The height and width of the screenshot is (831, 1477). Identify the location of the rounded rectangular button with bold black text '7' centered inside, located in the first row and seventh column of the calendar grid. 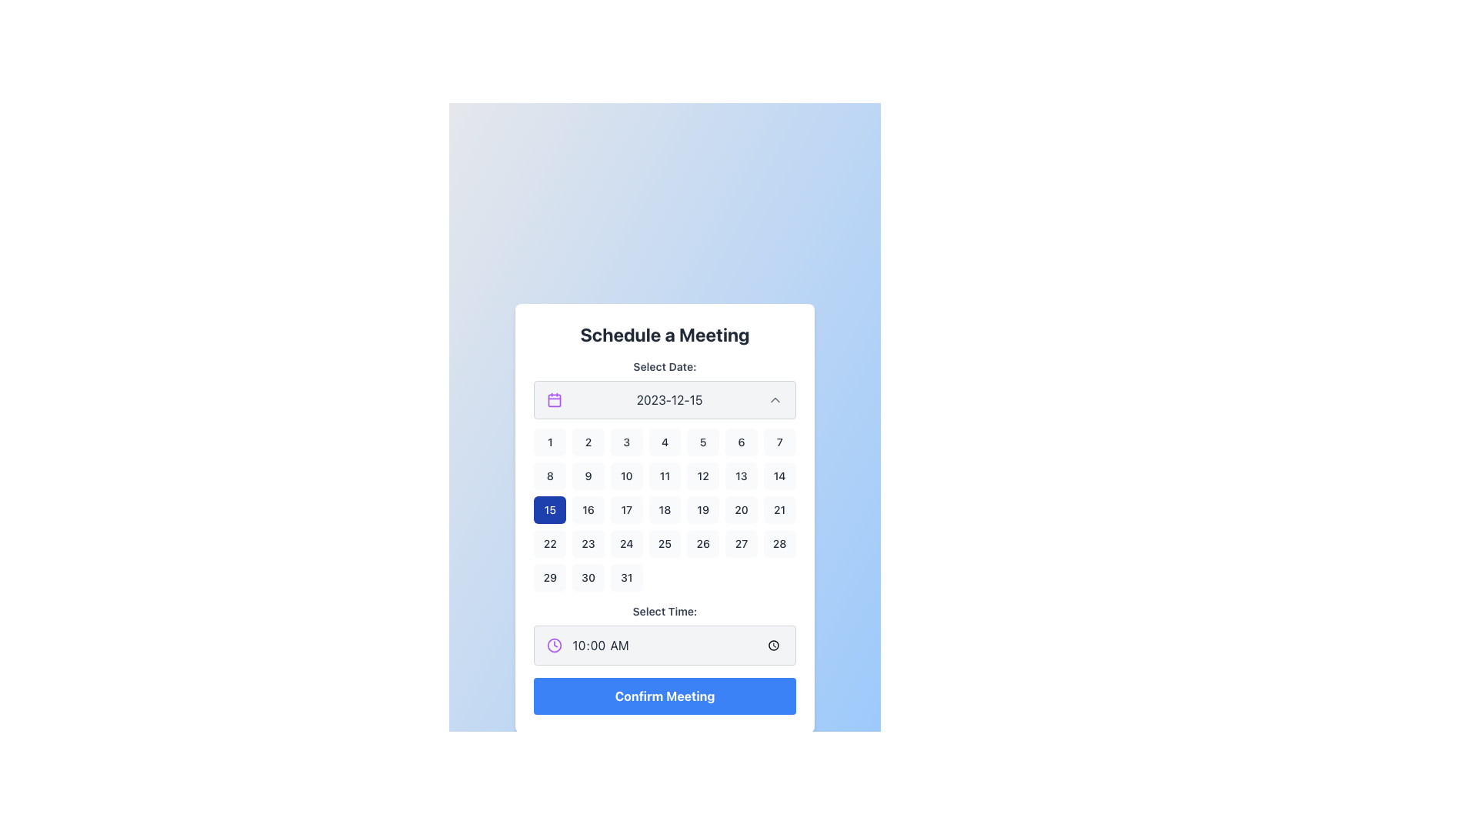
(779, 442).